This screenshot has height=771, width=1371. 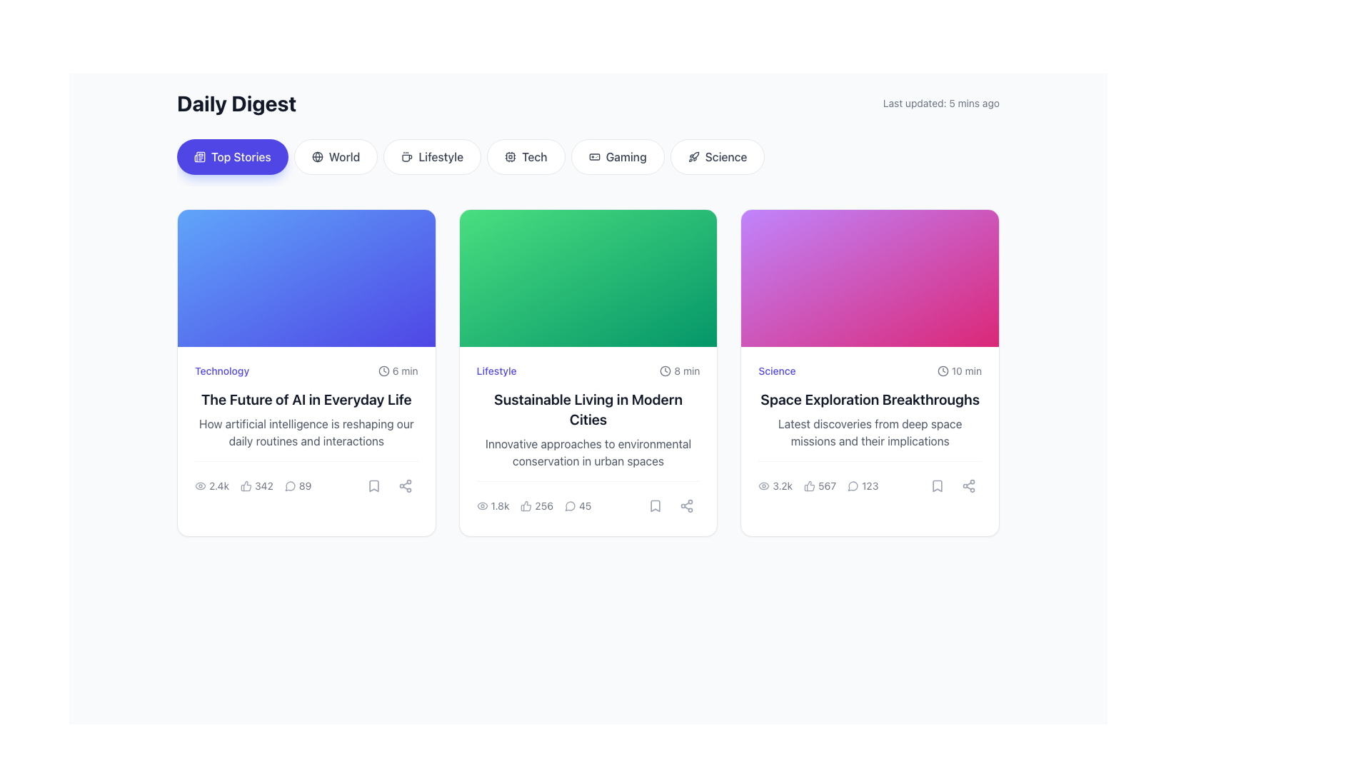 What do you see at coordinates (200, 485) in the screenshot?
I see `the eye icon, which is a gray minimalist SVG graphic located at the bottom of the first card` at bounding box center [200, 485].